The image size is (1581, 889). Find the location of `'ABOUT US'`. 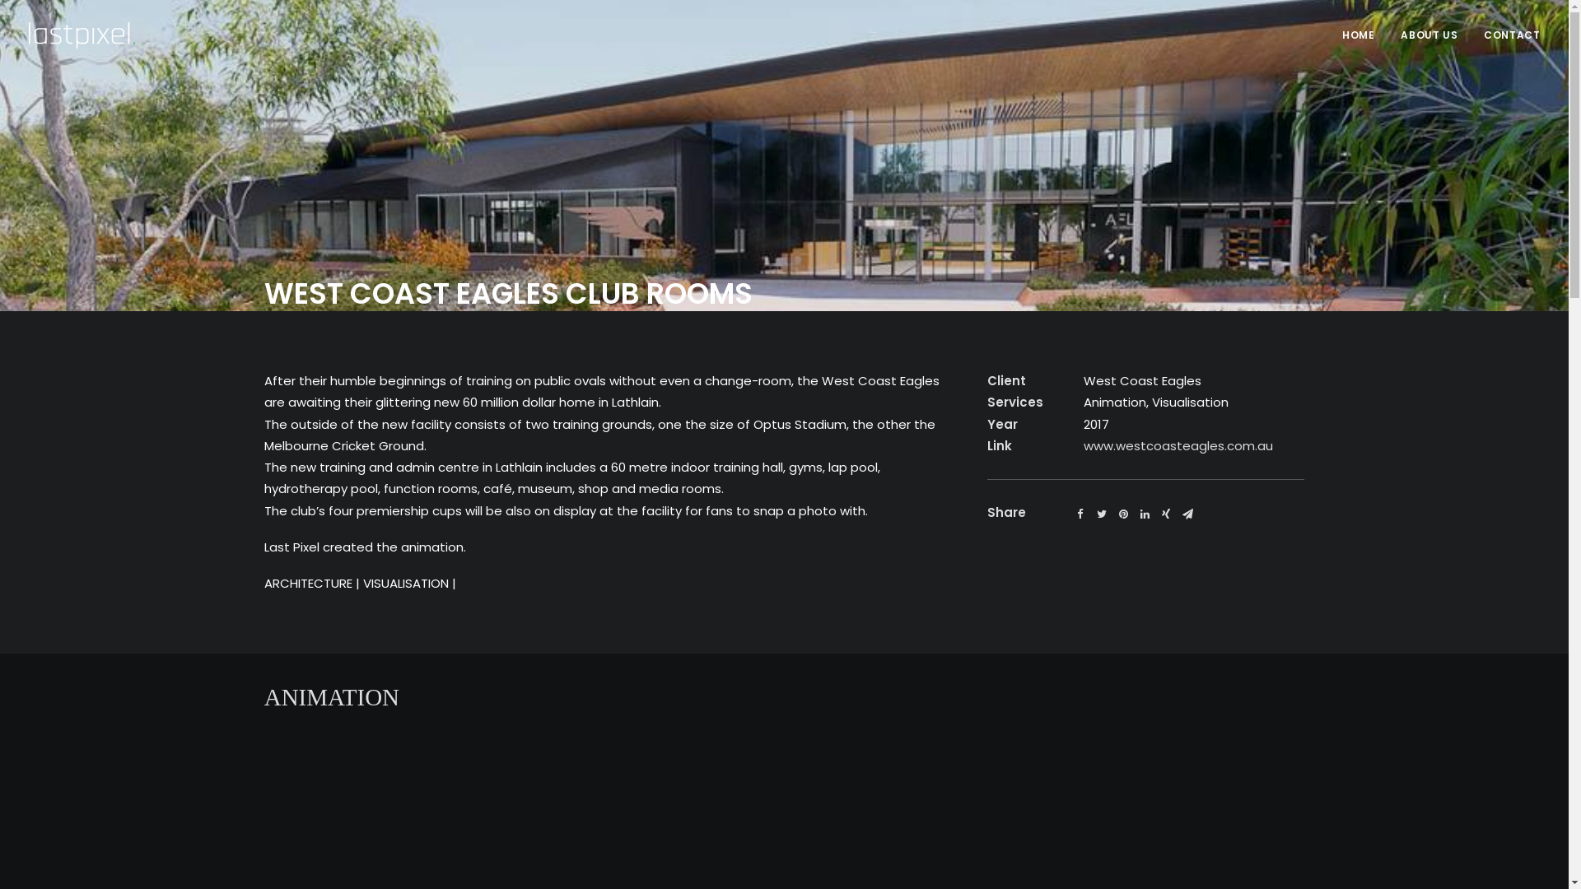

'ABOUT US' is located at coordinates (1387, 35).